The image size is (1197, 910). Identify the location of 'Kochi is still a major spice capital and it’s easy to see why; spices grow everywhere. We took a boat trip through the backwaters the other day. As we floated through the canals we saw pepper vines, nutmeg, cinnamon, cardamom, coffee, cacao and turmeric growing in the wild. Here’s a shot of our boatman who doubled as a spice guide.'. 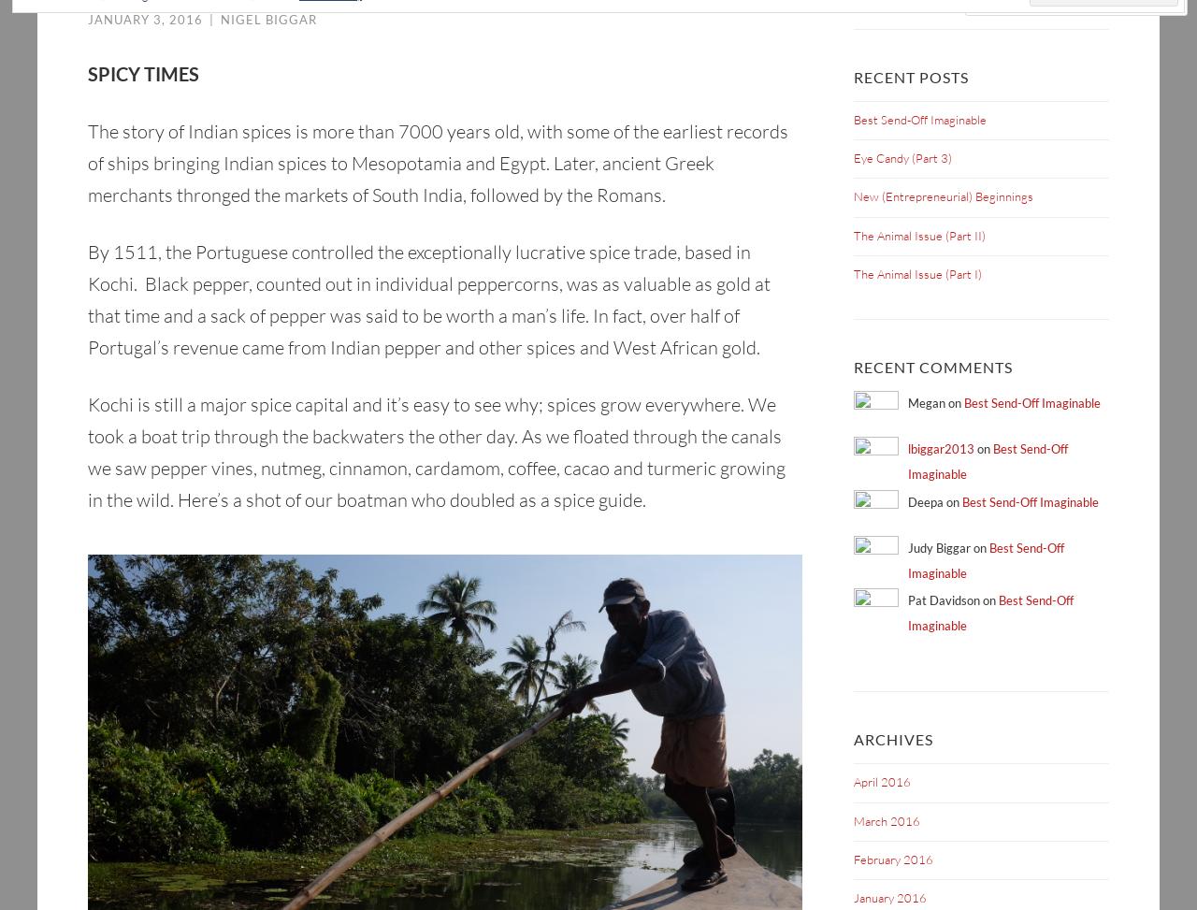
(435, 452).